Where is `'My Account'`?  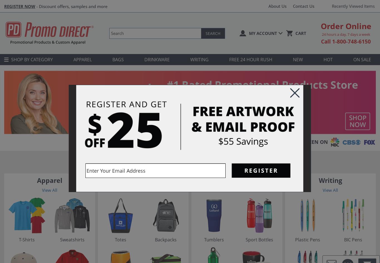
'My Account' is located at coordinates (263, 33).